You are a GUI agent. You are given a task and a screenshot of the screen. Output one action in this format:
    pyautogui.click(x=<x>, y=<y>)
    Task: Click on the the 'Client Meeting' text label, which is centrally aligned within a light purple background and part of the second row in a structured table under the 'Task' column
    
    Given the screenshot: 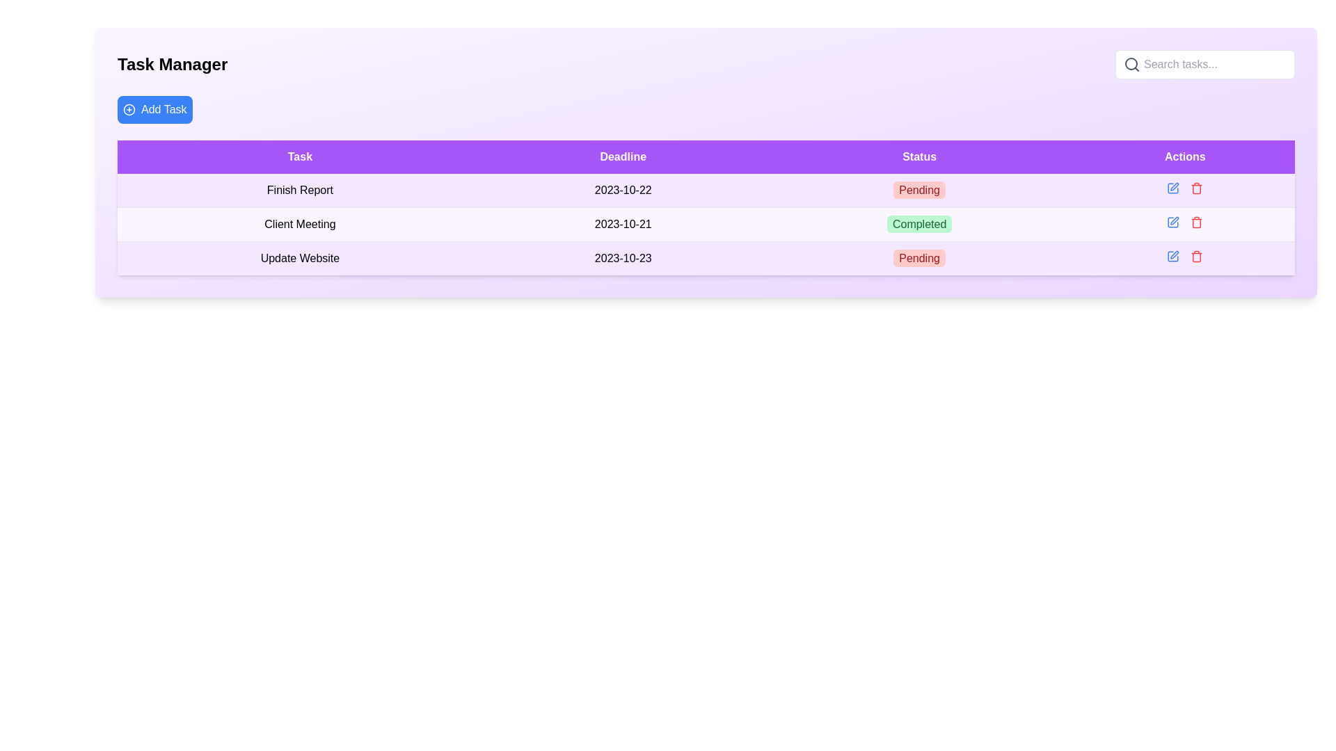 What is the action you would take?
    pyautogui.click(x=299, y=224)
    